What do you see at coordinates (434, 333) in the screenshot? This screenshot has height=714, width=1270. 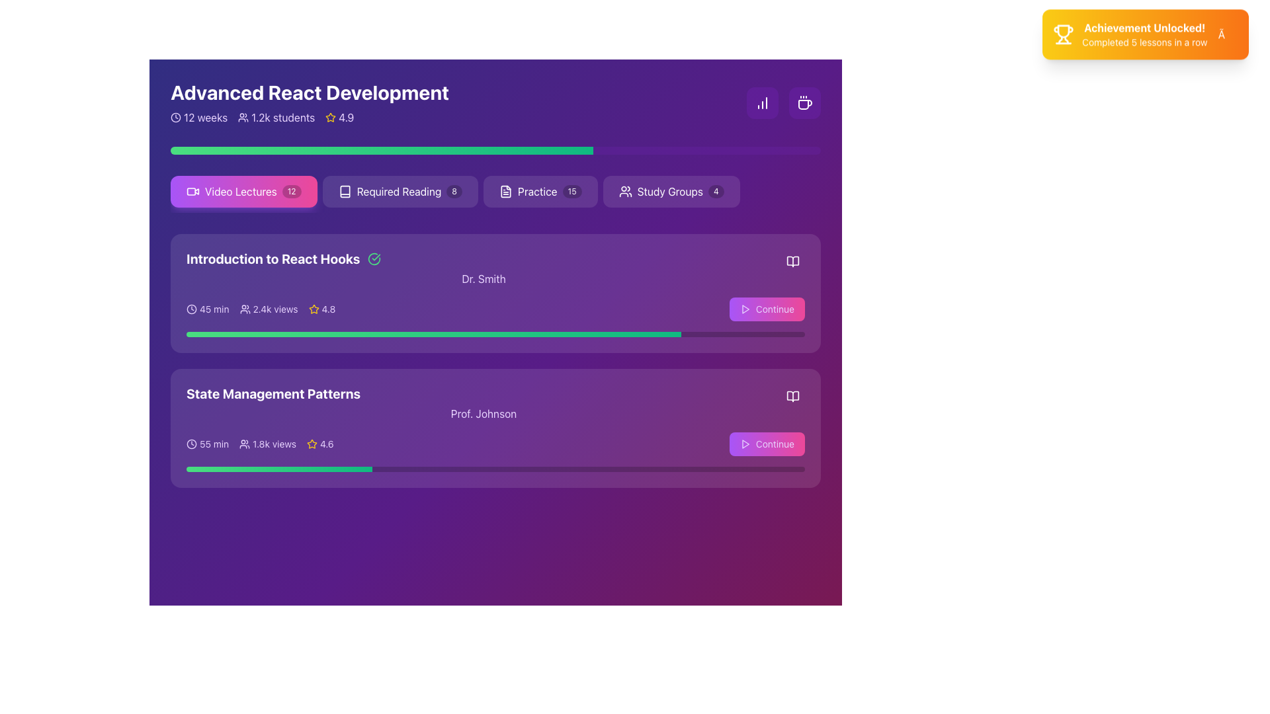 I see `the inner indicator of the progress bar that visually represents the completion of the lesson on 'Introduction to React Hooks'` at bounding box center [434, 333].